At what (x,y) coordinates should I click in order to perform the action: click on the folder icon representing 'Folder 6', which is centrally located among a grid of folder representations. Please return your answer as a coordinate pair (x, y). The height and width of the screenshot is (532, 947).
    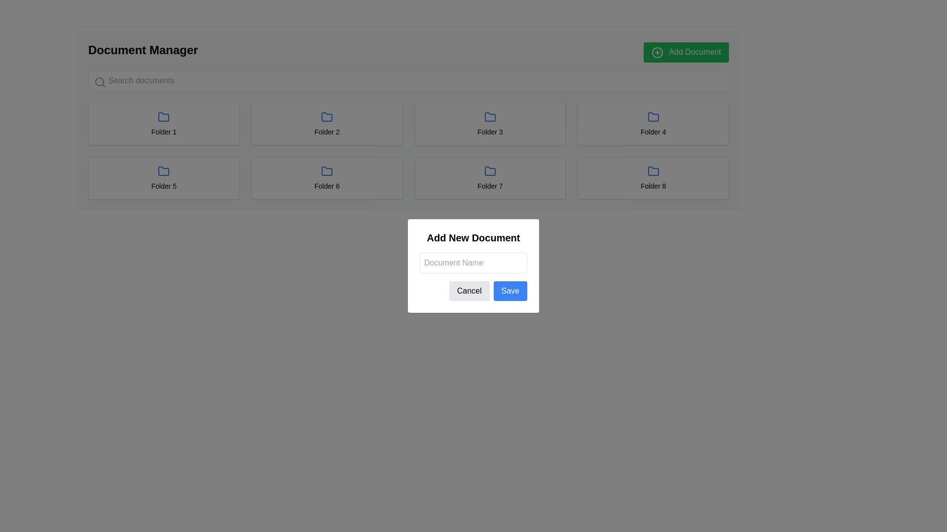
    Looking at the image, I should click on (327, 170).